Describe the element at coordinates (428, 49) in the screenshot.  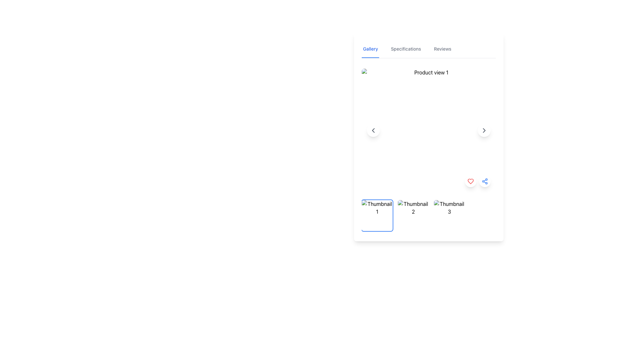
I see `the 'Specifications' or 'Reviews' tab in the navigation bar` at that location.